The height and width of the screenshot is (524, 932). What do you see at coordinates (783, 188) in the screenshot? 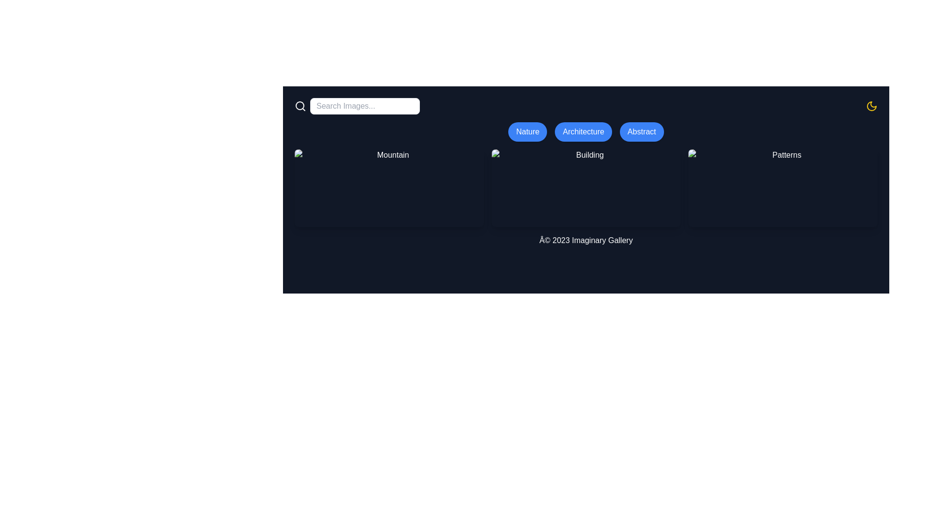
I see `the third card in the grid layout that serves as a clickable category for 'Patterns'` at bounding box center [783, 188].